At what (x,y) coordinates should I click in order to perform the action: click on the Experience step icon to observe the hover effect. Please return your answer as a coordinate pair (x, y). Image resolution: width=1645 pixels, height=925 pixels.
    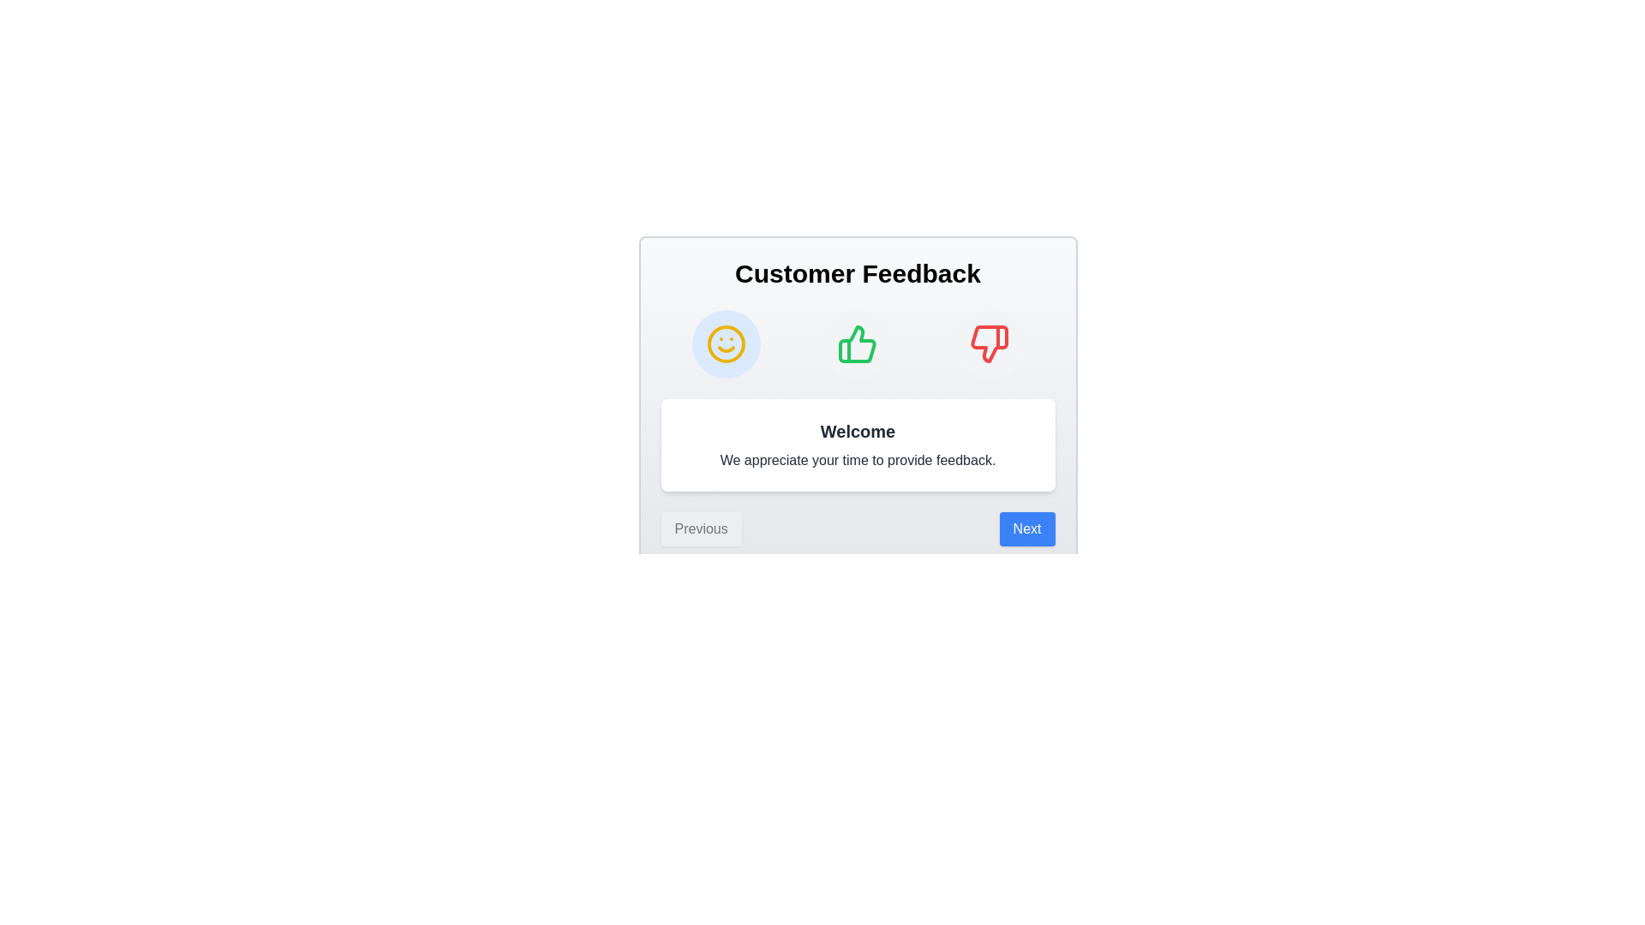
    Looking at the image, I should click on (858, 343).